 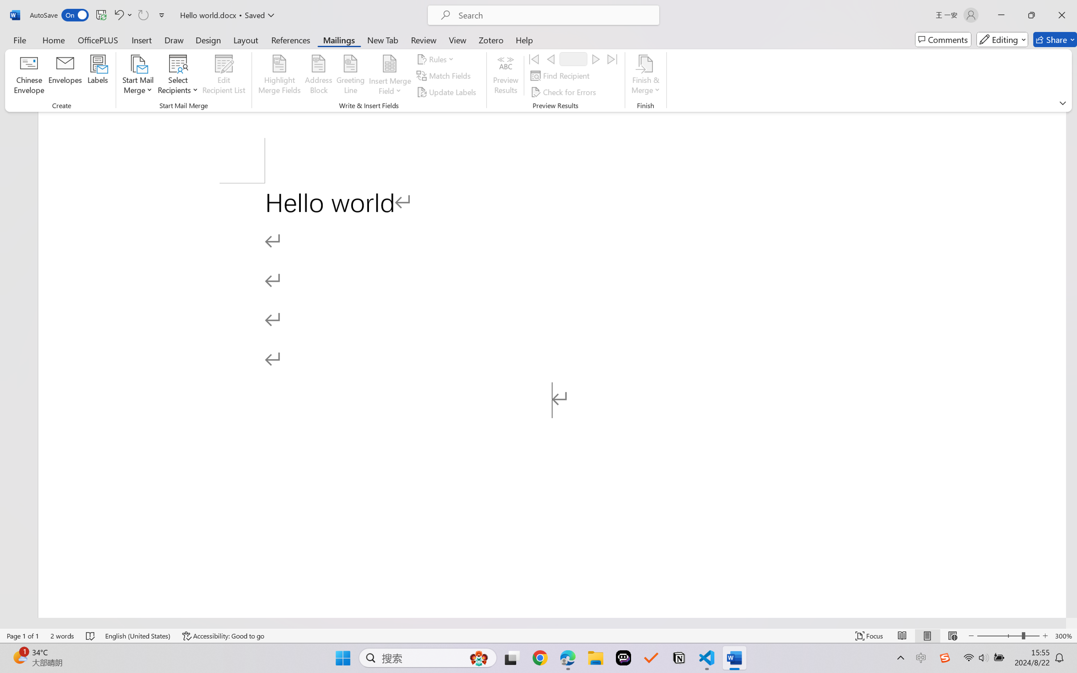 I want to click on 'Greeting Line...', so click(x=350, y=76).